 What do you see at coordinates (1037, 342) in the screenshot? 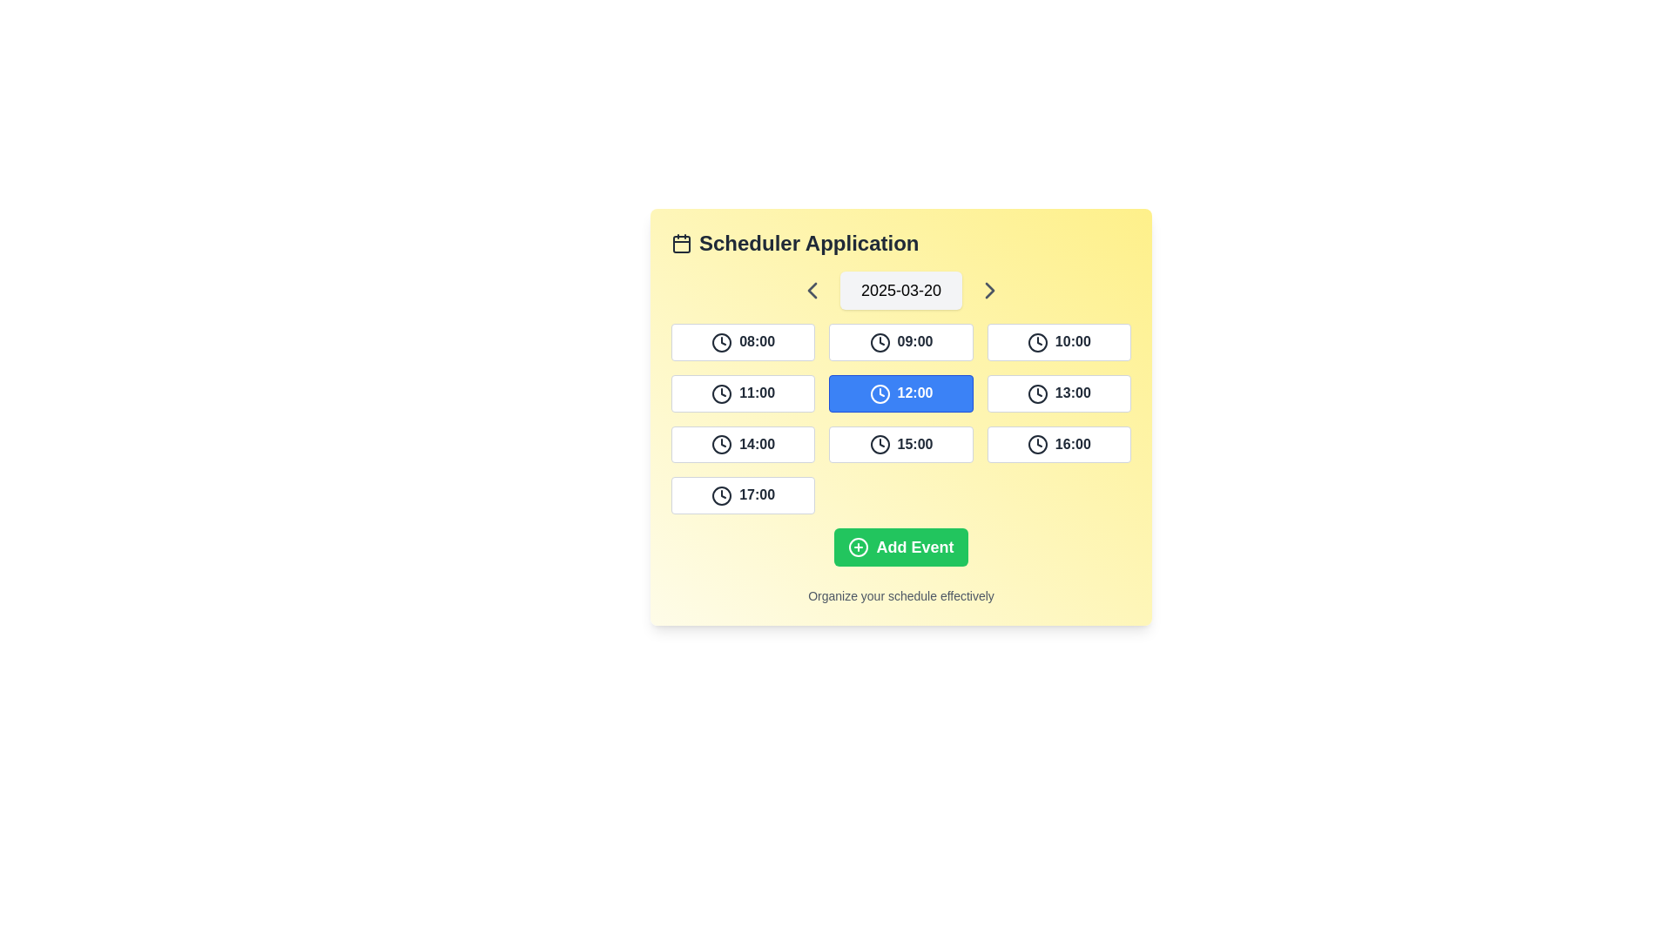
I see `the clock icon located within the '10:00' time slot button, which features a minimalistic design with a circular outline and clock hands` at bounding box center [1037, 342].